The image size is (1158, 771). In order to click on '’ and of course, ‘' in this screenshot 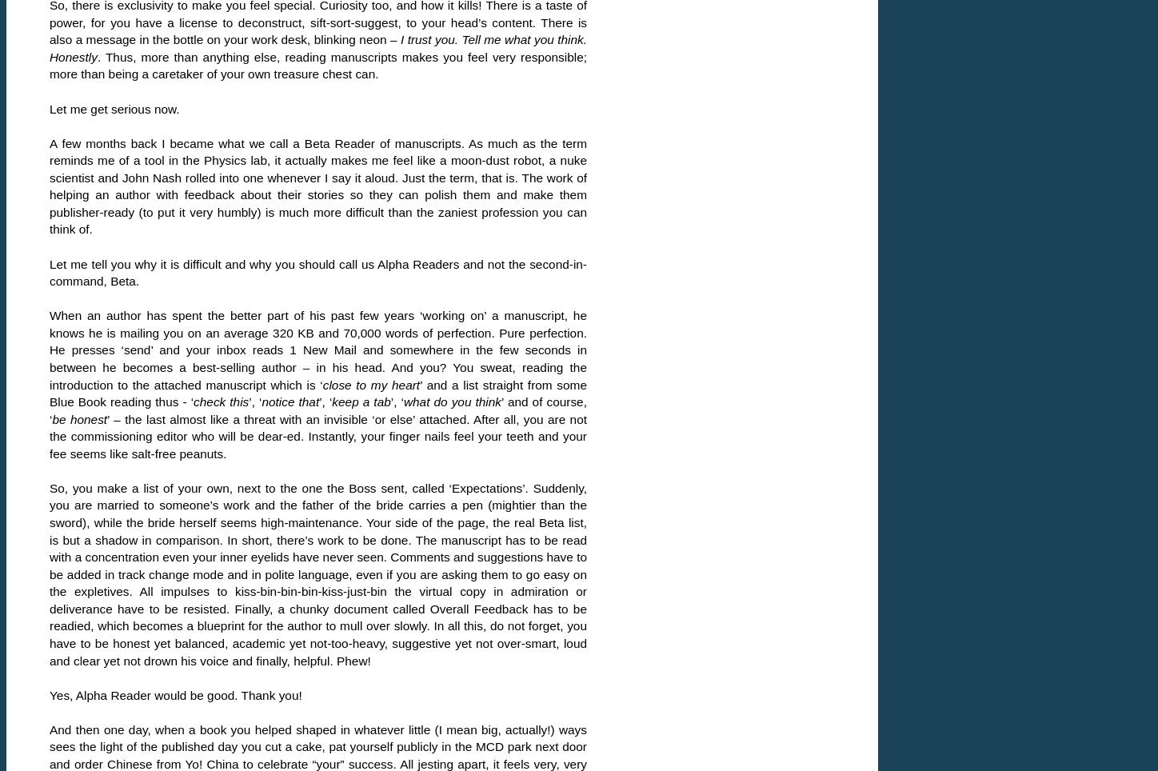, I will do `click(317, 409)`.